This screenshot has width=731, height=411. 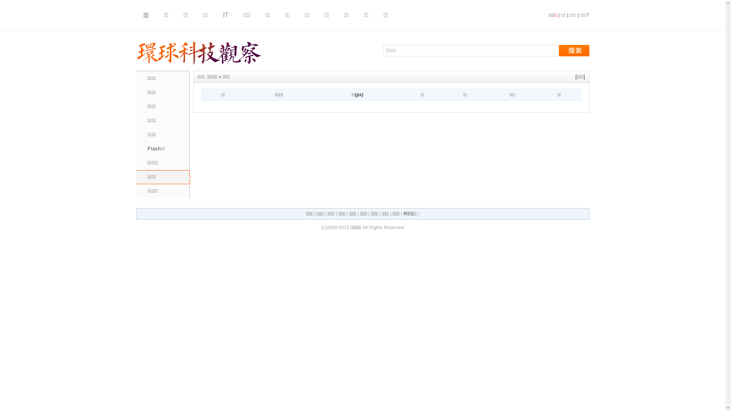 I want to click on 'IT', so click(x=222, y=15).